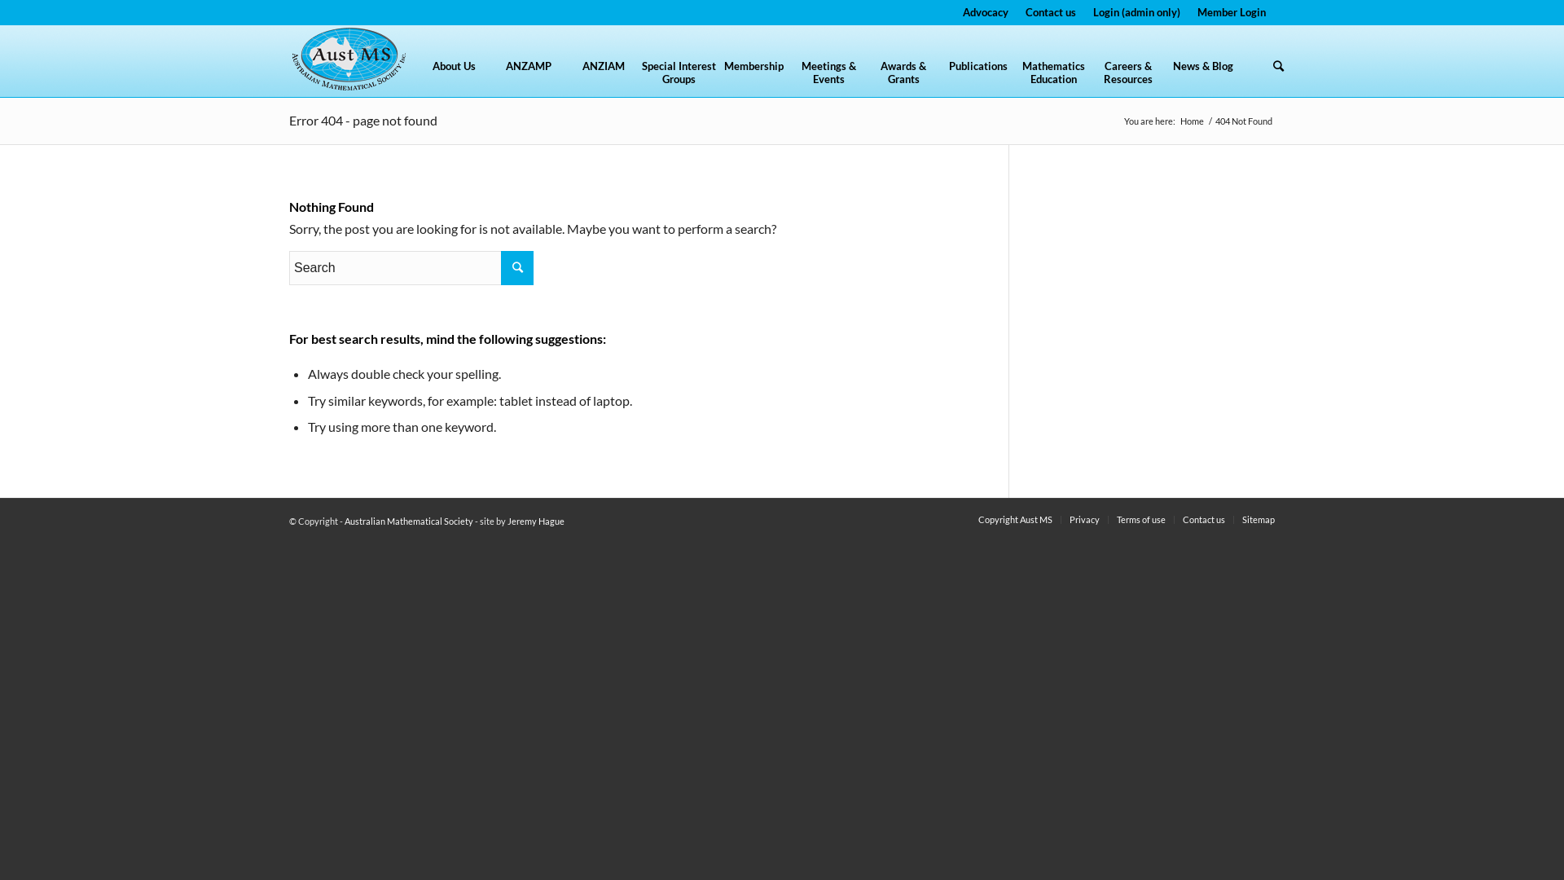  I want to click on 'Privacy', so click(1084, 519).